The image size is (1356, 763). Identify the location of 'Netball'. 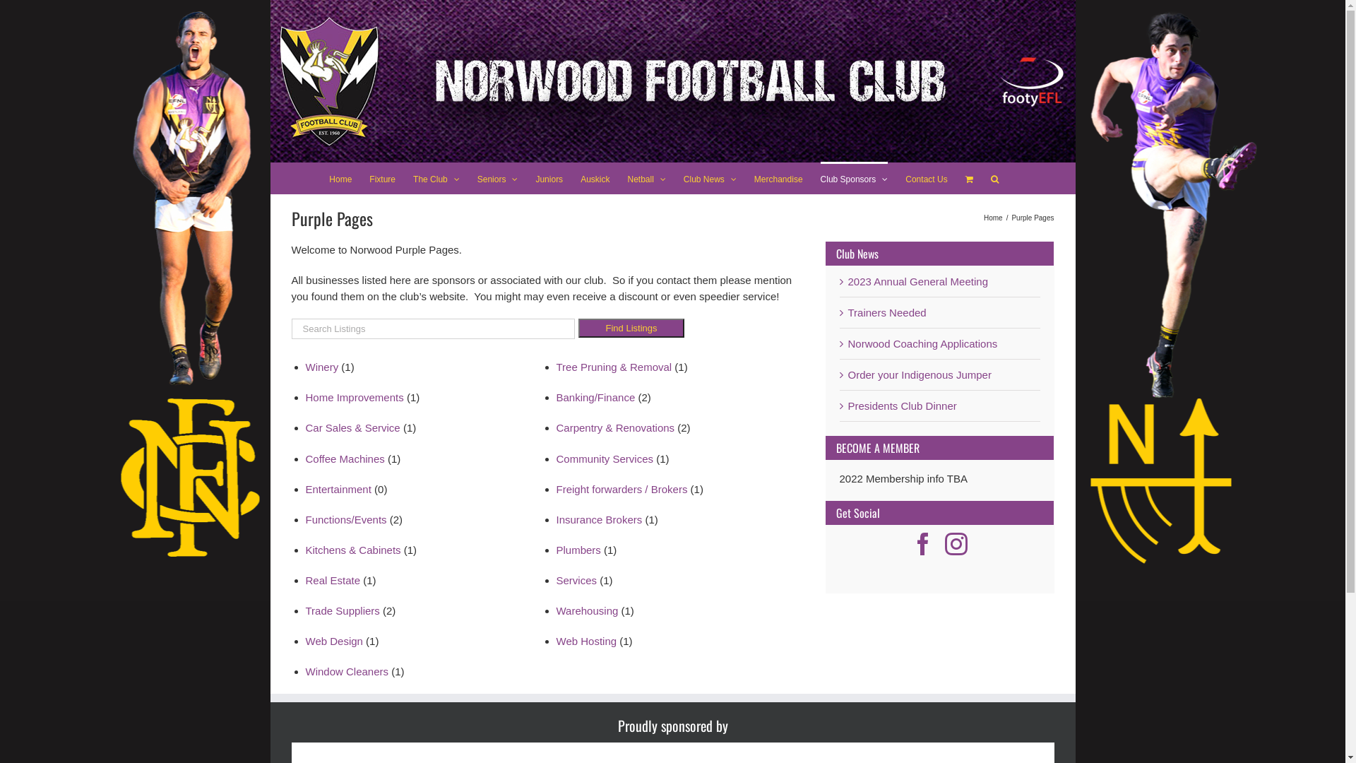
(646, 177).